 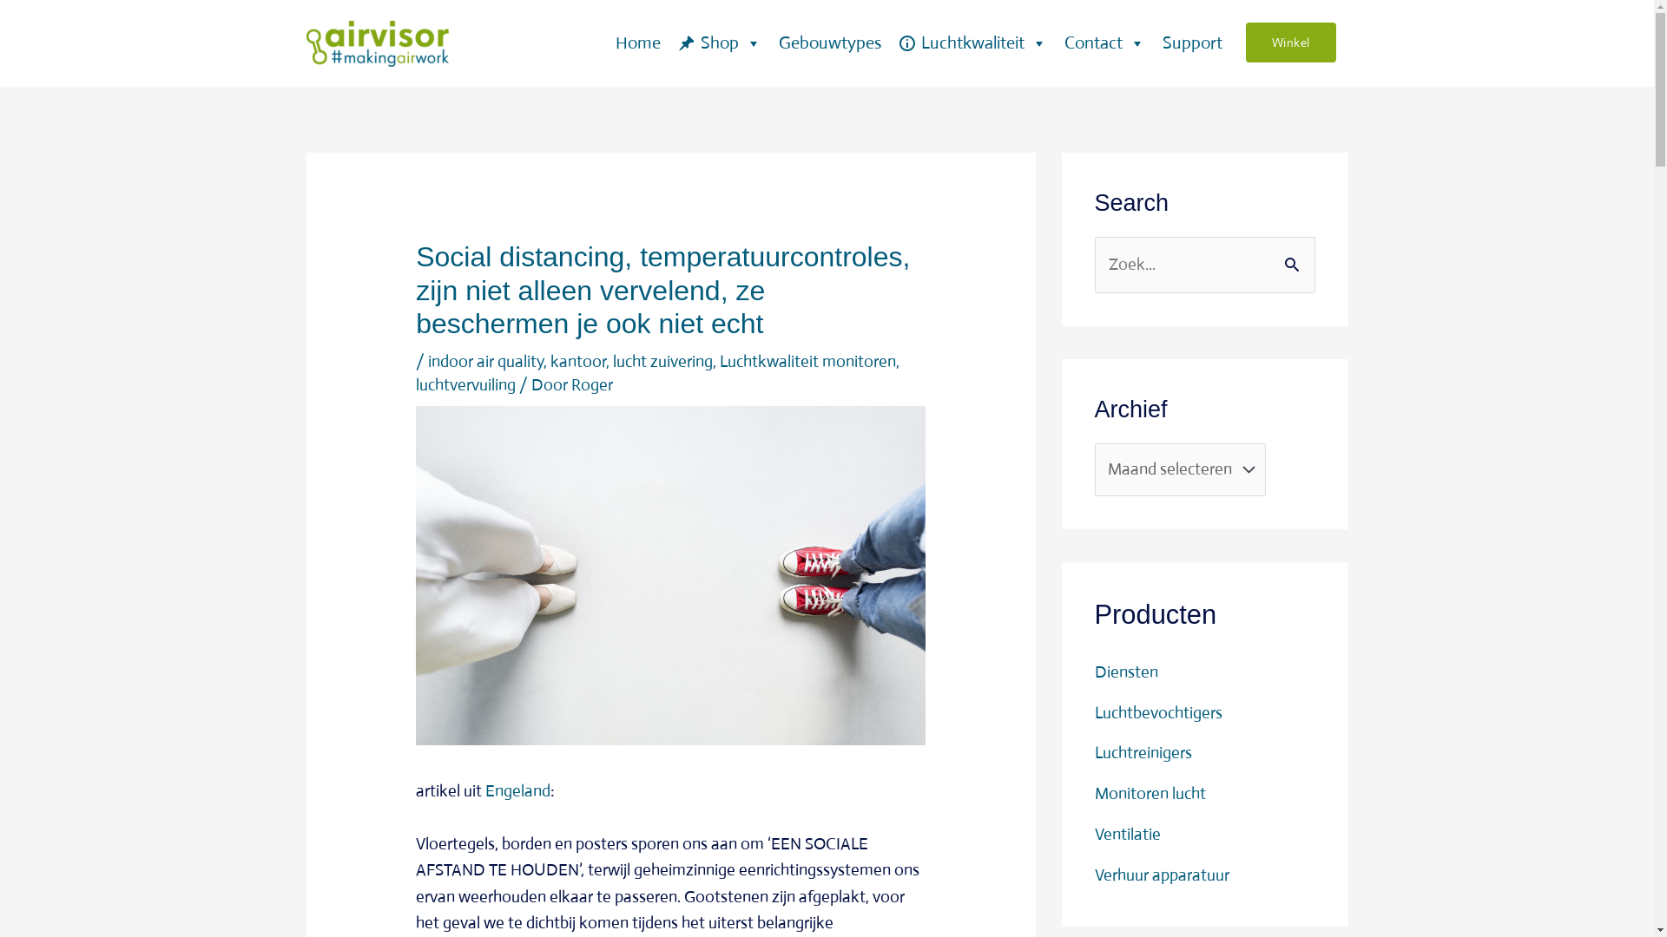 What do you see at coordinates (719, 43) in the screenshot?
I see `'Shop'` at bounding box center [719, 43].